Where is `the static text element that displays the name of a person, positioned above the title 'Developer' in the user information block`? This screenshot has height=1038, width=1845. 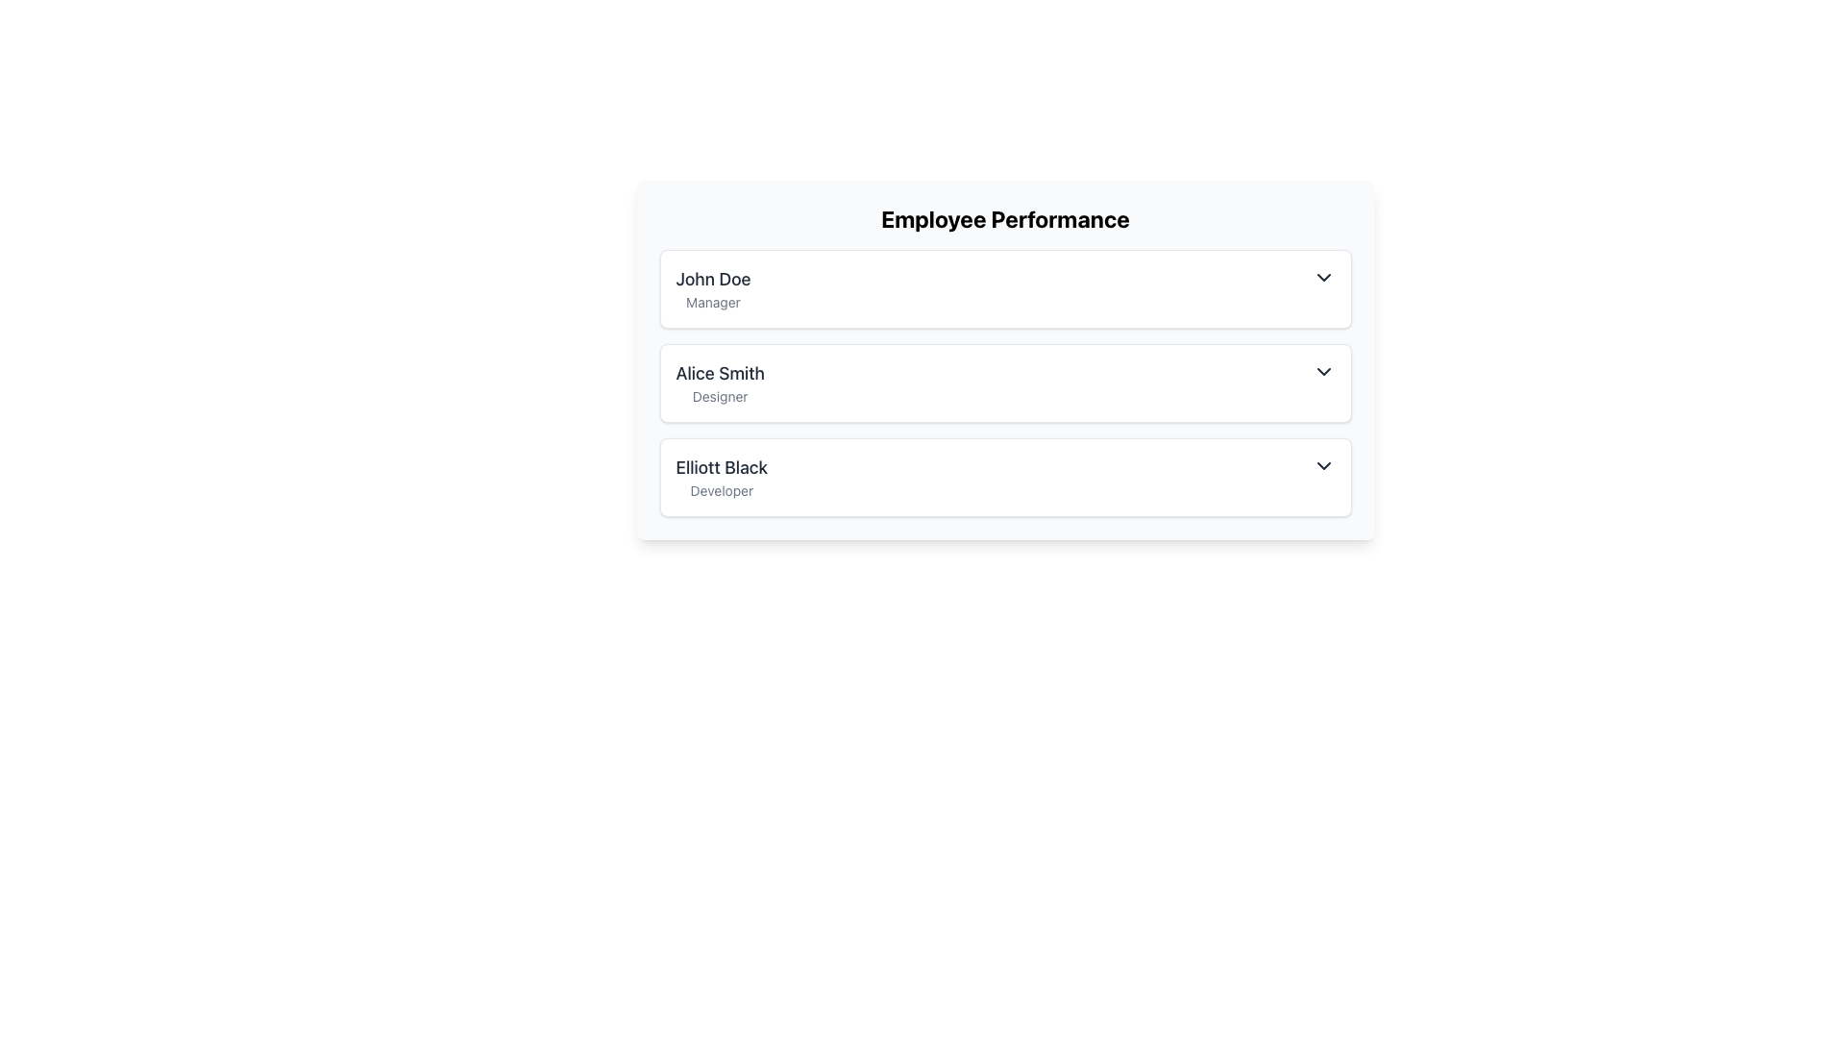 the static text element that displays the name of a person, positioned above the title 'Developer' in the user information block is located at coordinates (721, 467).